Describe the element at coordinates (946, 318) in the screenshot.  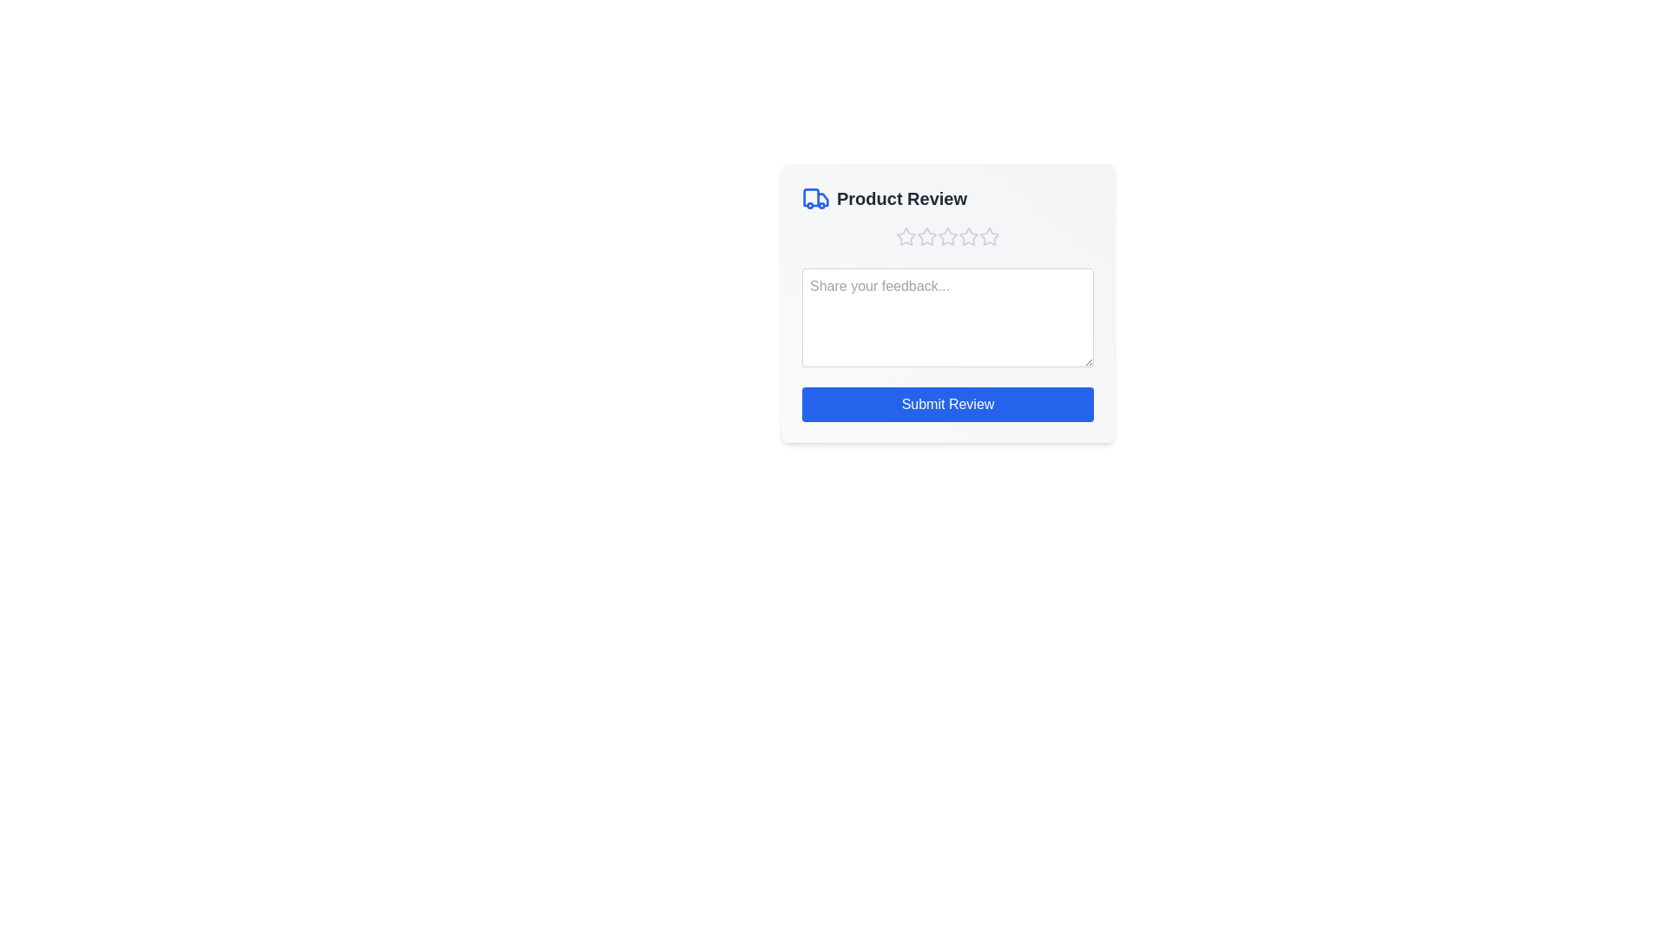
I see `the feedback textarea and input the text 'This is my feedback.'` at that location.